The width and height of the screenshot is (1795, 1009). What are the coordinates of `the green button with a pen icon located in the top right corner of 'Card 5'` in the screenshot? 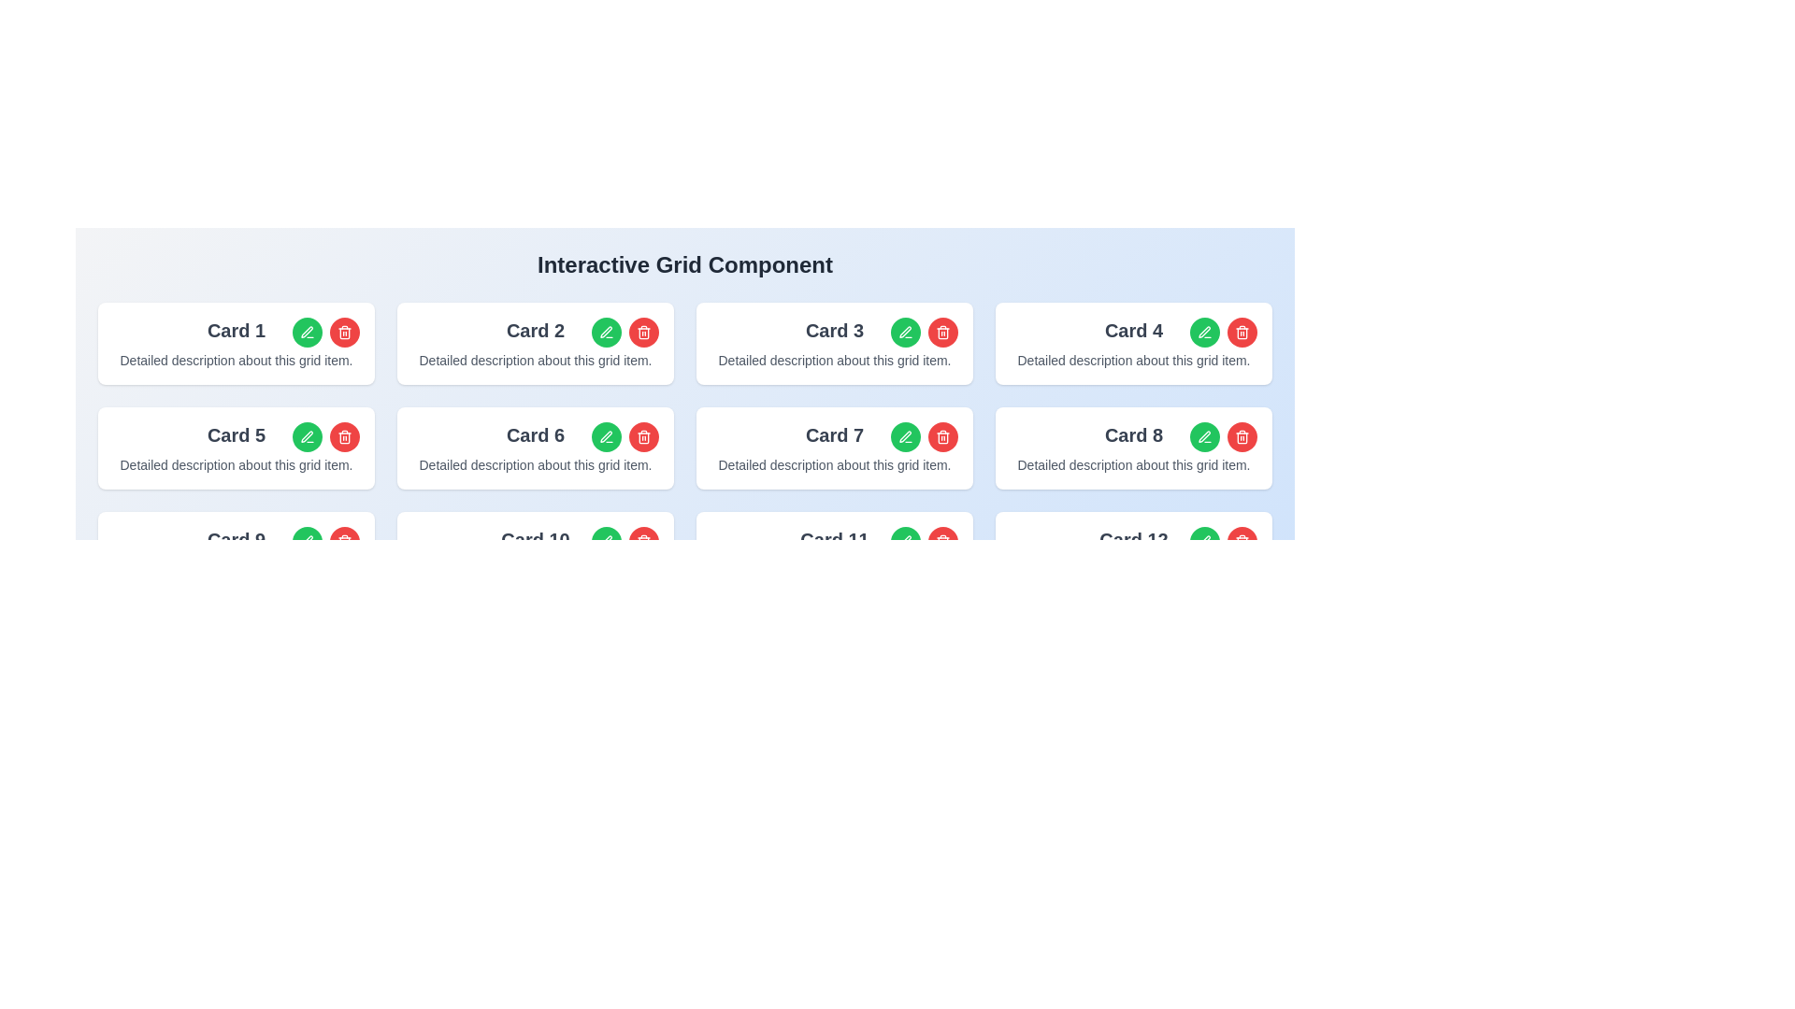 It's located at (326, 436).